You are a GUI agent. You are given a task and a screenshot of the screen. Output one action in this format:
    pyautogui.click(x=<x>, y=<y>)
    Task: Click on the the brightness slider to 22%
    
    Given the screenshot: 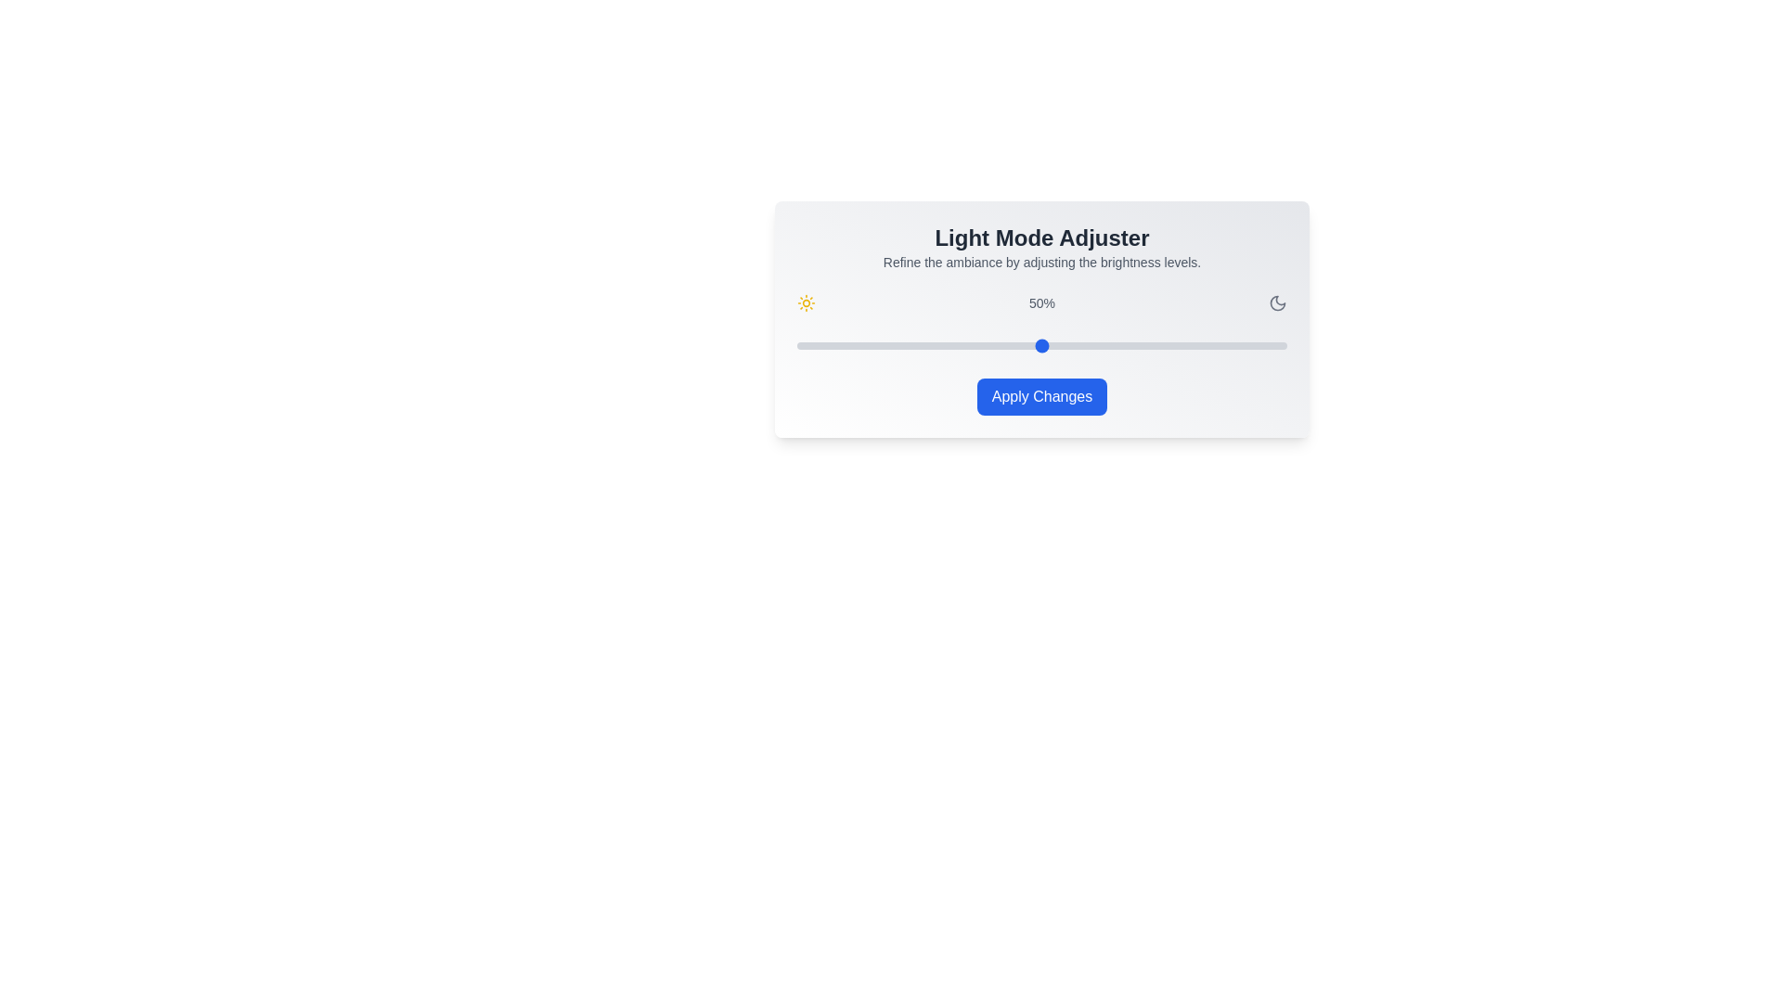 What is the action you would take?
    pyautogui.click(x=905, y=346)
    